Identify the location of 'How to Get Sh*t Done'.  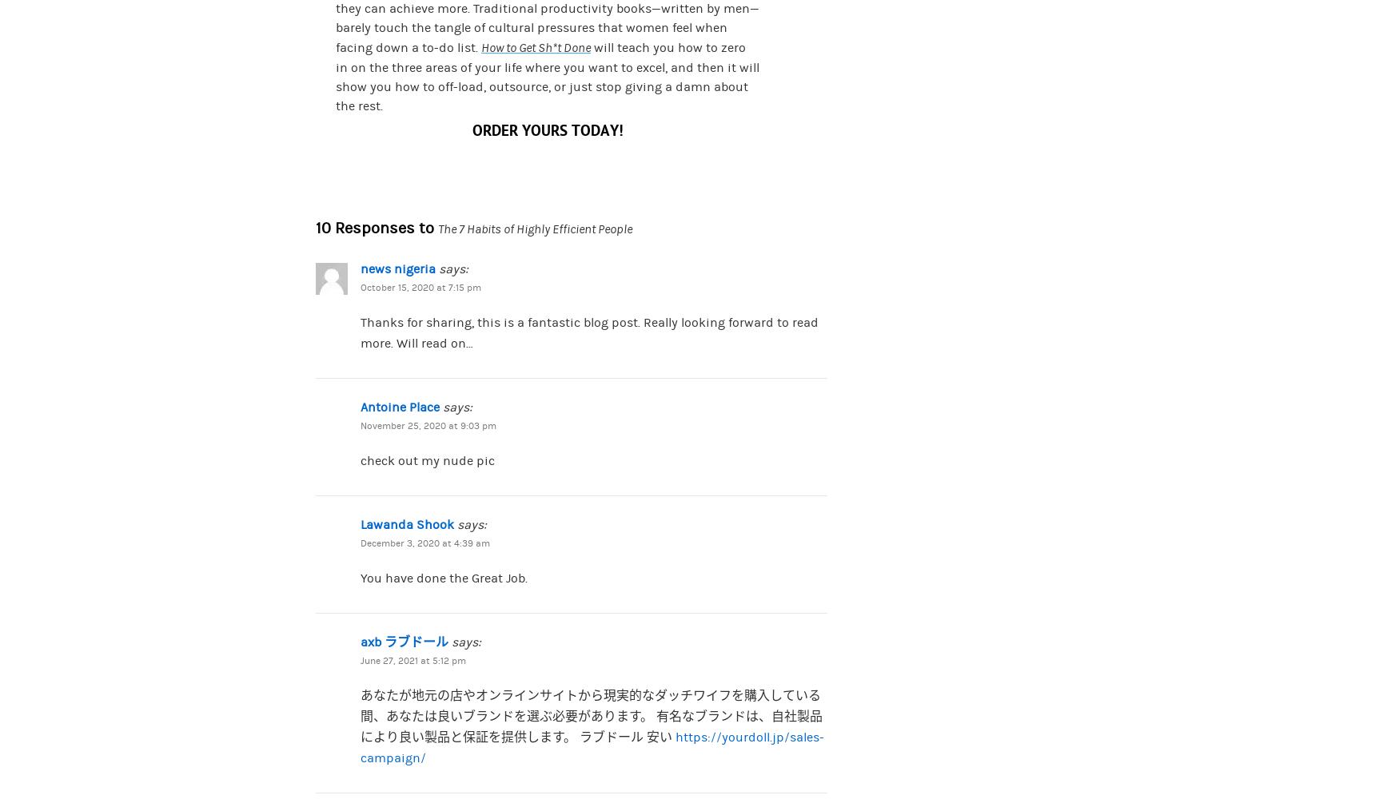
(535, 46).